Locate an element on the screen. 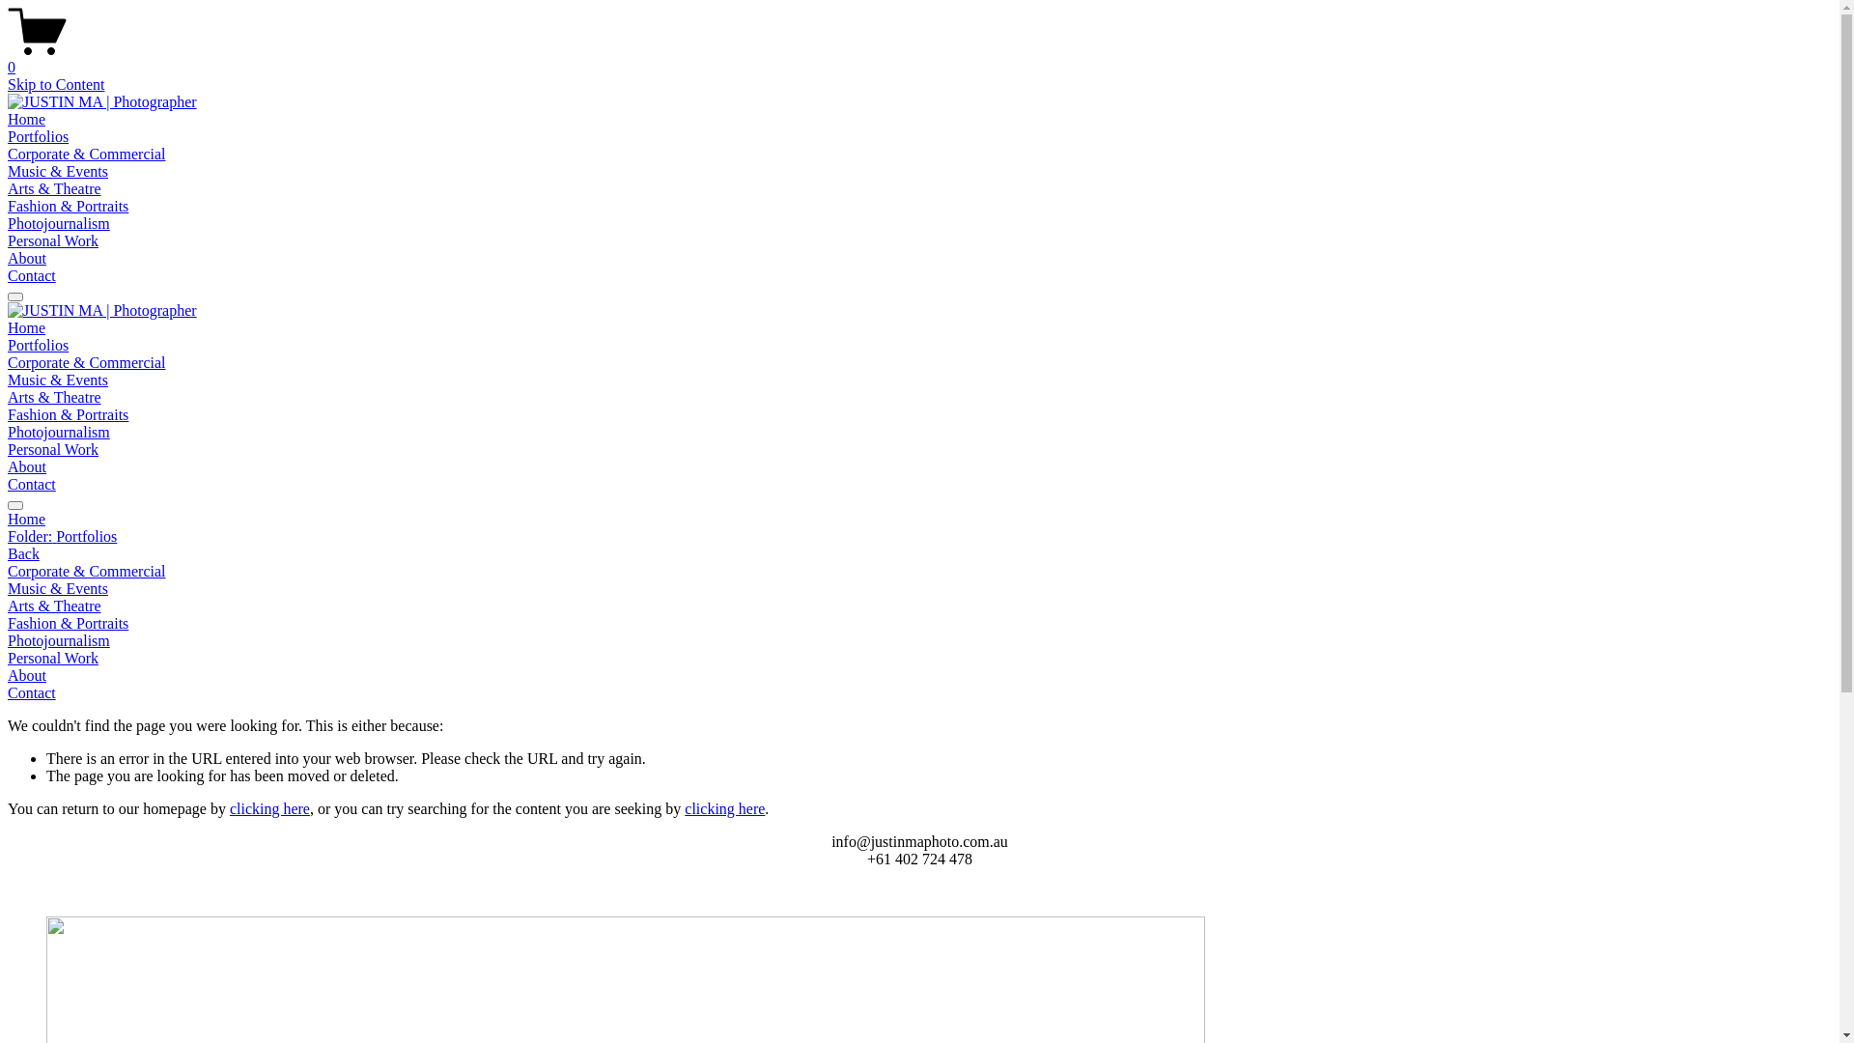 The image size is (1854, 1043). 'Photojournalism' is located at coordinates (918, 640).